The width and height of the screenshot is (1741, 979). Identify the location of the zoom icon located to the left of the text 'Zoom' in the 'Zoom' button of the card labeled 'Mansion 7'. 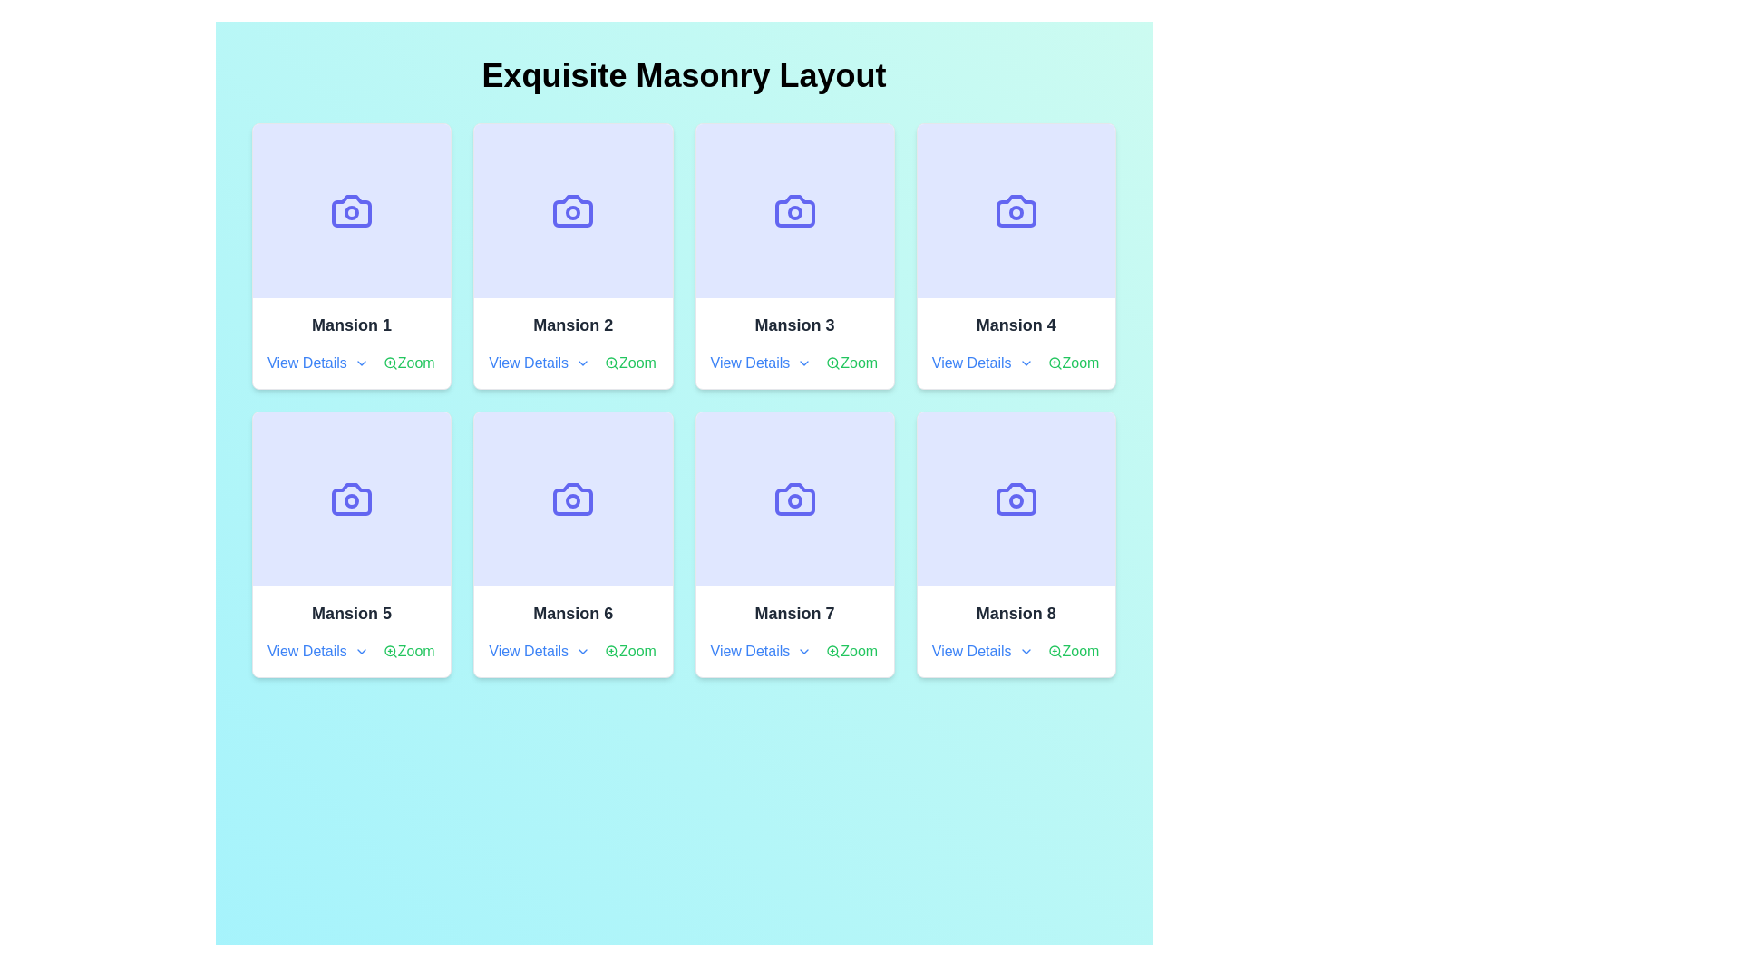
(832, 650).